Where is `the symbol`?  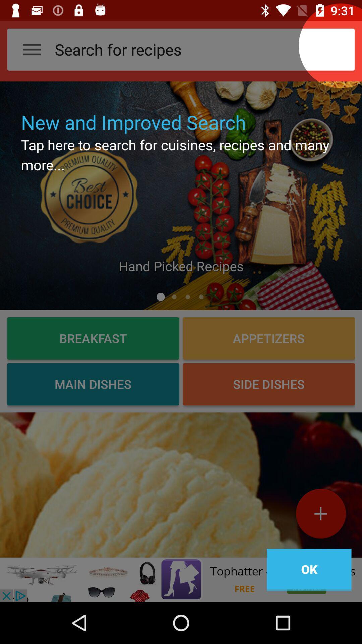
the symbol is located at coordinates (320, 516).